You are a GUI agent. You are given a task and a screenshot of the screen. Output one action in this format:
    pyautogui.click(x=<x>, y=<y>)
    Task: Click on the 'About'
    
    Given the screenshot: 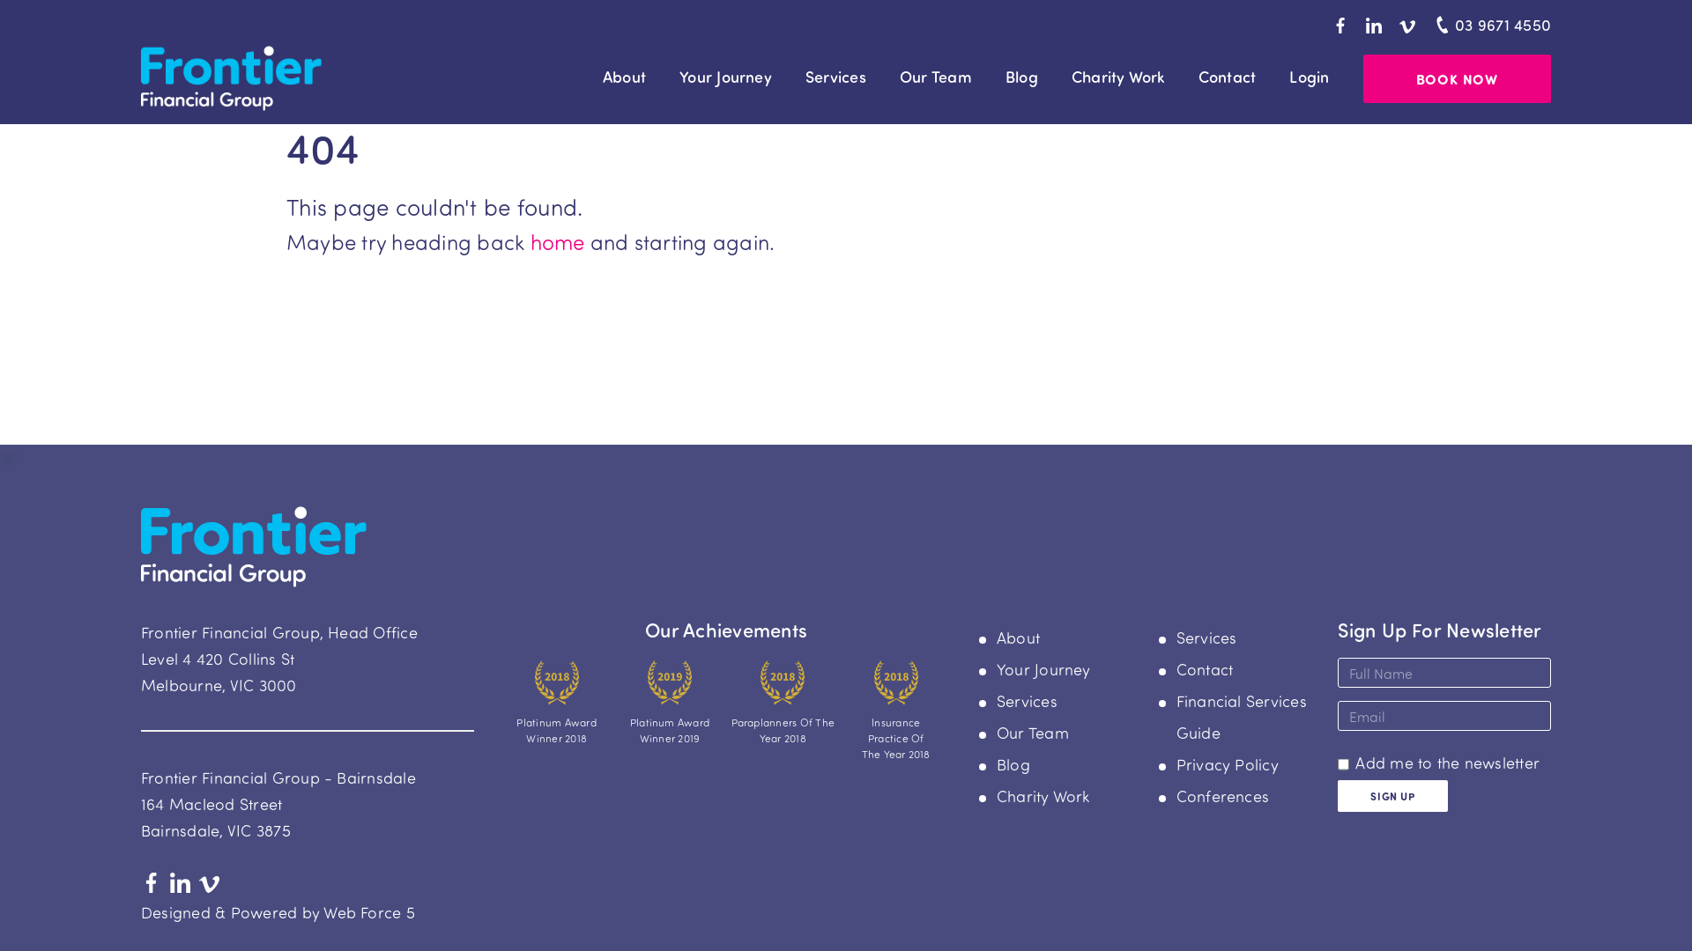 What is the action you would take?
    pyautogui.click(x=624, y=76)
    